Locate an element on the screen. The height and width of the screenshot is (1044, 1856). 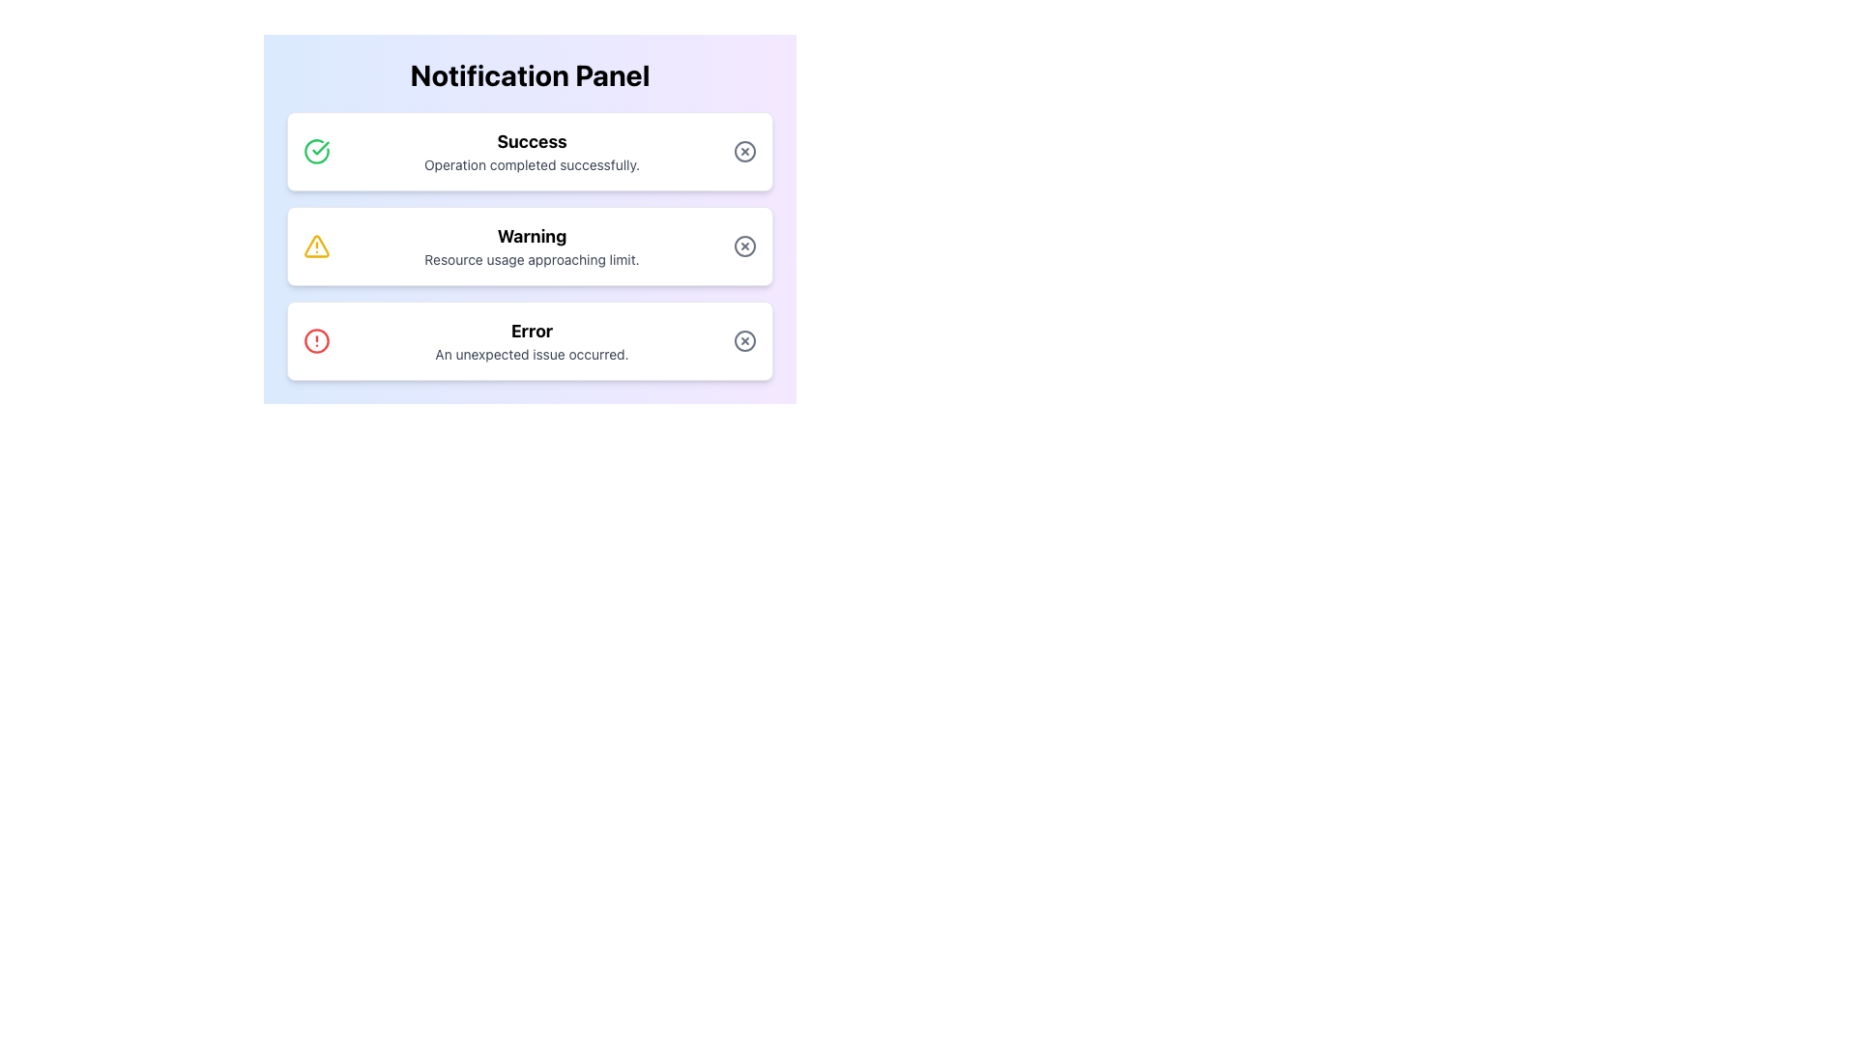
the green checkmark icon representing a confirmation or success state, located within the notification panel above the notifications stating 'Warning' and 'Error' is located at coordinates (316, 151).